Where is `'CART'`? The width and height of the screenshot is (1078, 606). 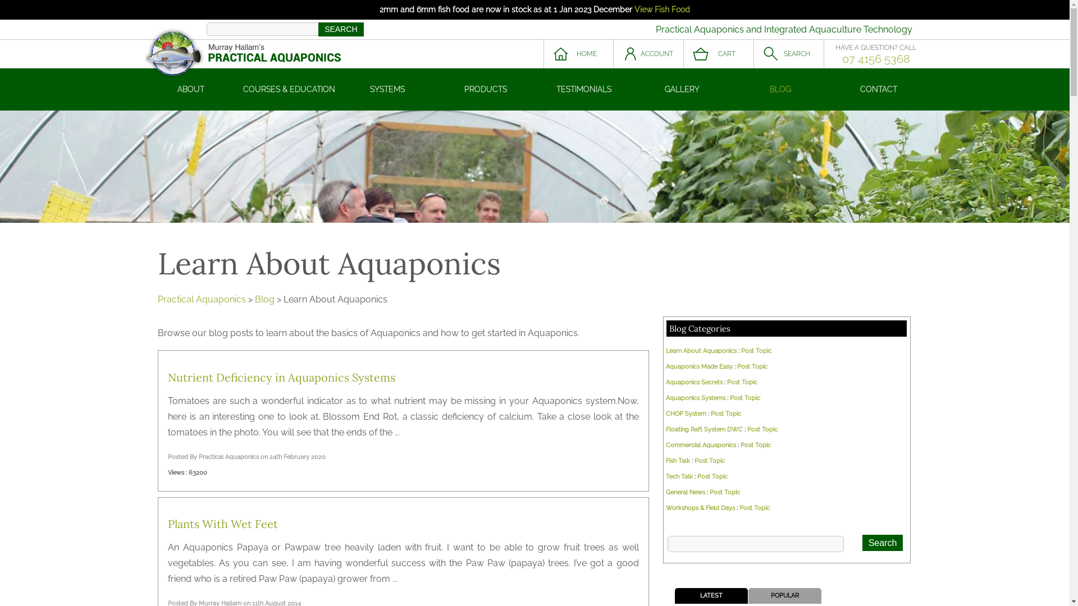 'CART' is located at coordinates (719, 54).